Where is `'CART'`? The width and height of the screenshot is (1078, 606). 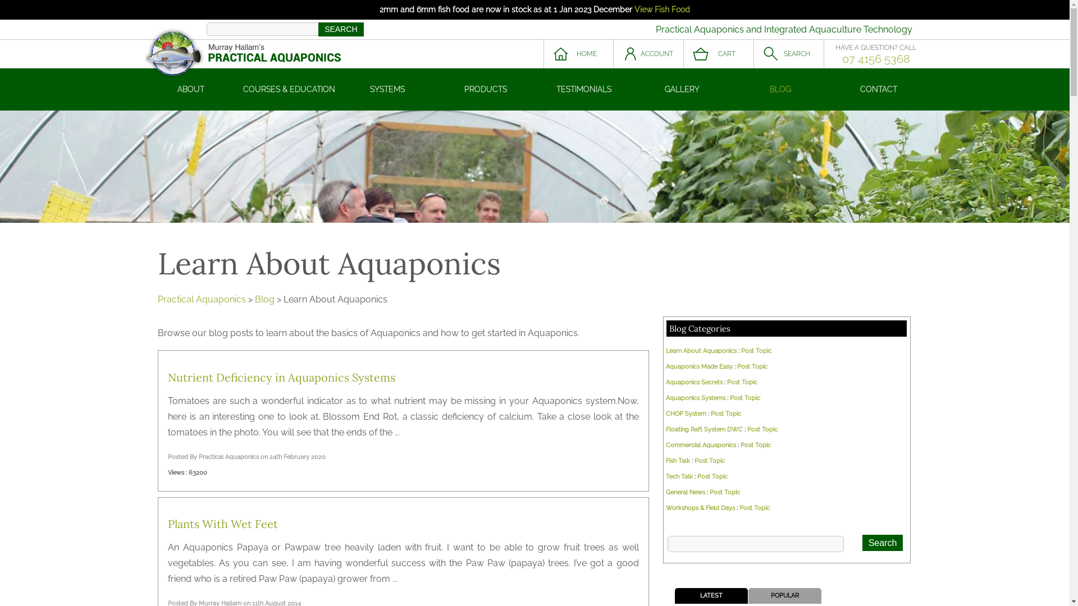 'CART' is located at coordinates (719, 54).